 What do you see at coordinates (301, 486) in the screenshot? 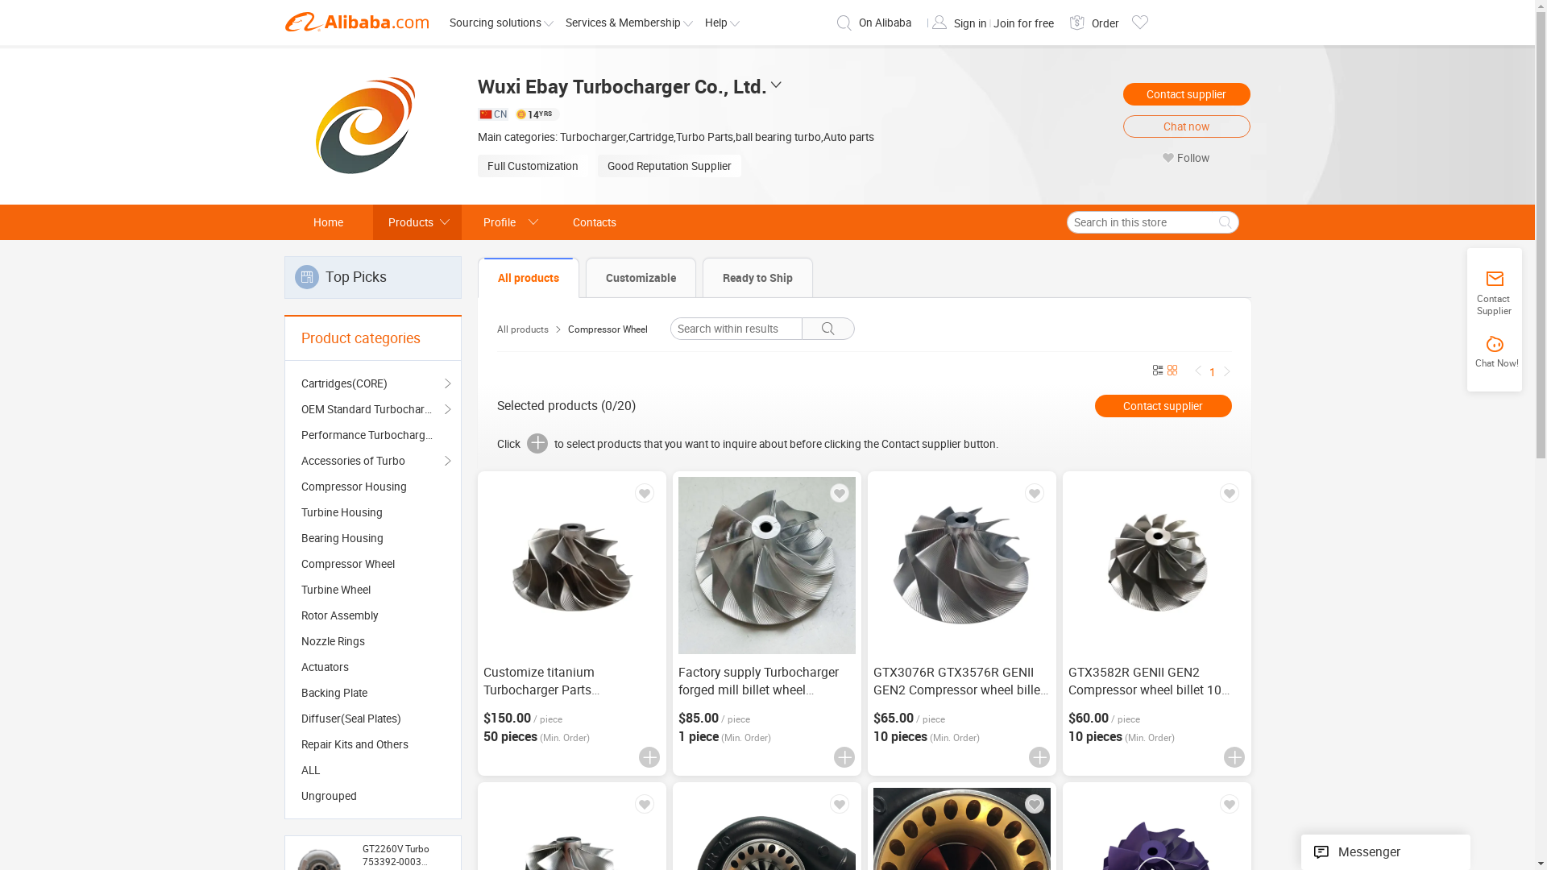
I see `'Compressor Housing'` at bounding box center [301, 486].